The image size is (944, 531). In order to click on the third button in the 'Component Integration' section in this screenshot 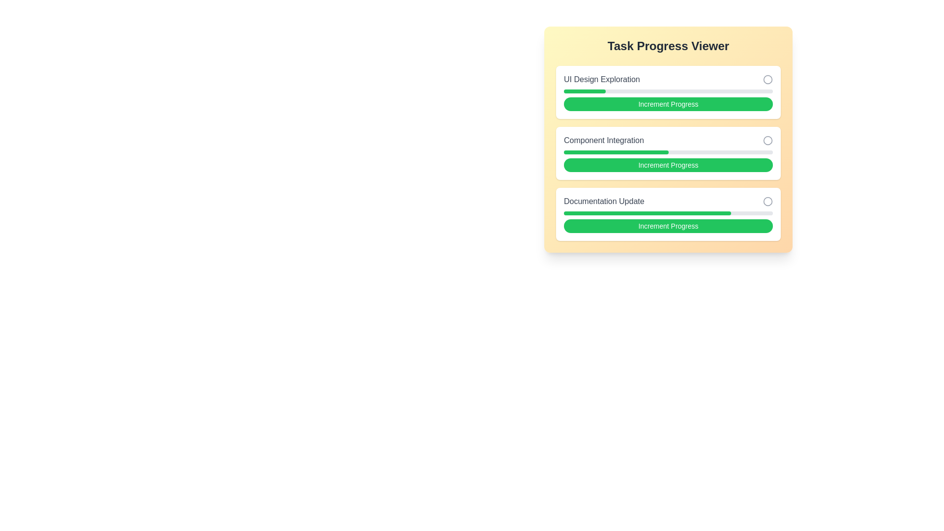, I will do `click(668, 164)`.